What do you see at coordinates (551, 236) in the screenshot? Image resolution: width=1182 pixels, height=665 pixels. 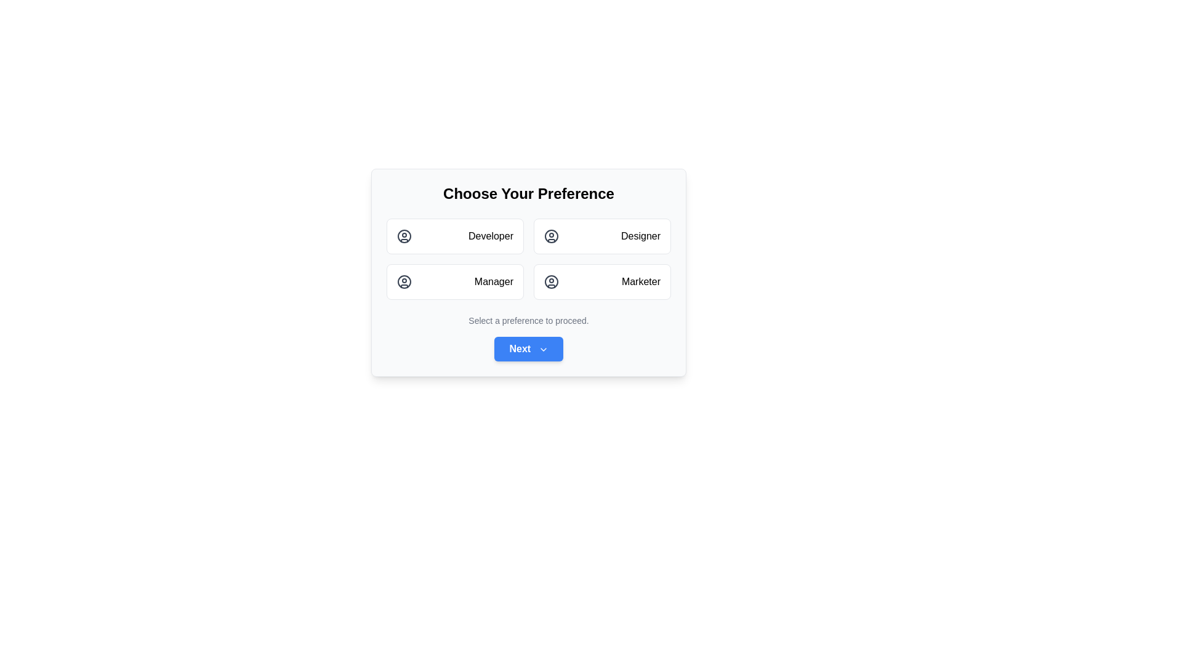 I see `the 'Designer' icon located in the top row, second column of the grid` at bounding box center [551, 236].